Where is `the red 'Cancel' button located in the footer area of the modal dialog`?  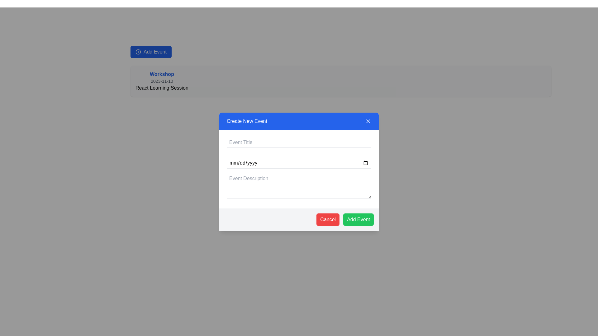
the red 'Cancel' button located in the footer area of the modal dialog is located at coordinates (328, 219).